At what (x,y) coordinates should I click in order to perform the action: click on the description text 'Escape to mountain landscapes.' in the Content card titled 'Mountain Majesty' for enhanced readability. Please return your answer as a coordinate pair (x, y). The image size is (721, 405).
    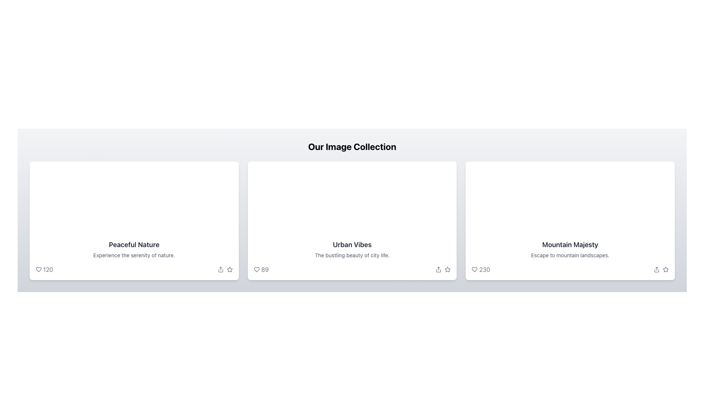
    Looking at the image, I should click on (570, 256).